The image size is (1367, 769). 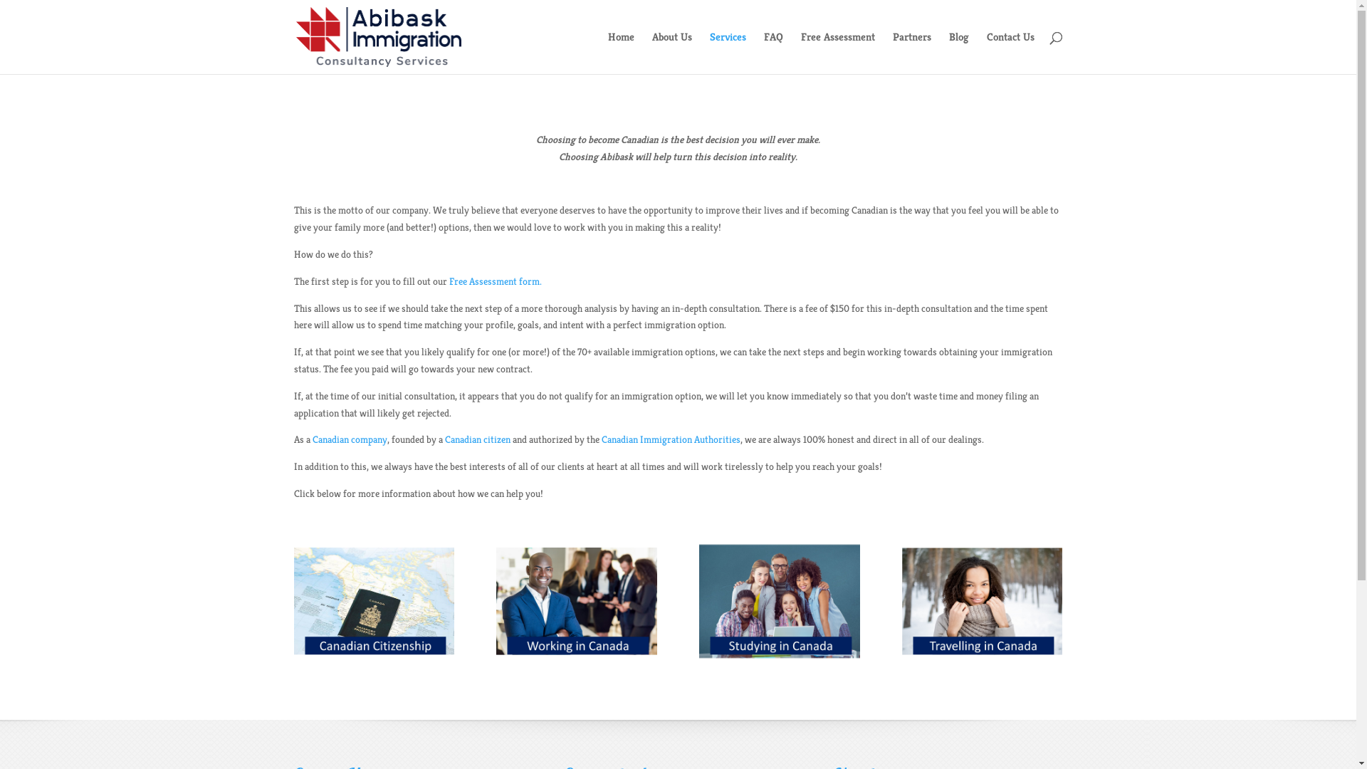 What do you see at coordinates (477, 439) in the screenshot?
I see `'Canadian citizen'` at bounding box center [477, 439].